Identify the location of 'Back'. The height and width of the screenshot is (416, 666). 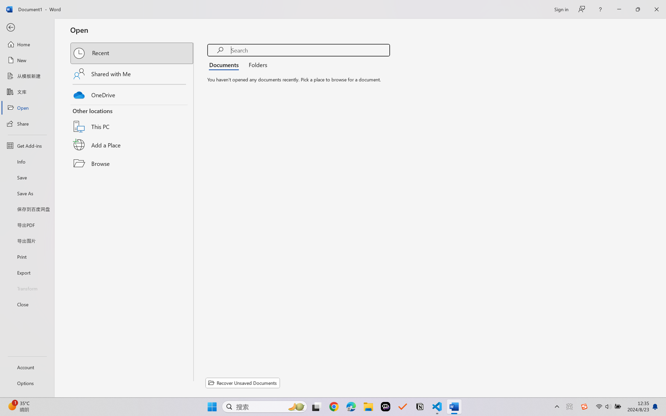
(27, 28).